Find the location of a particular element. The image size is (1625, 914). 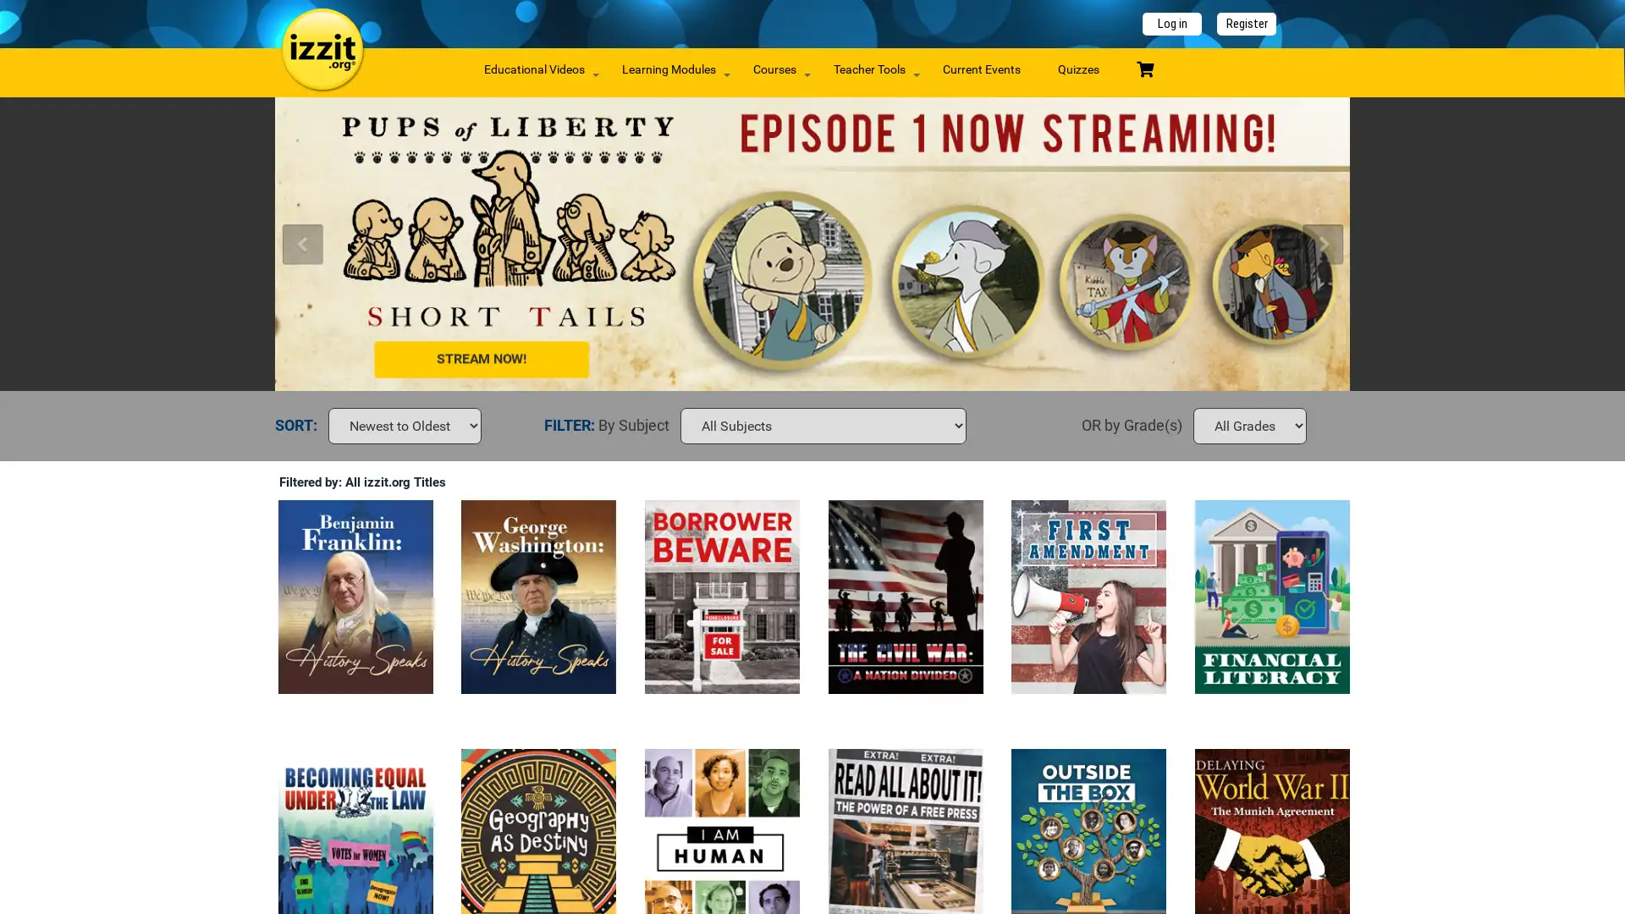

Register is located at coordinates (1247, 24).